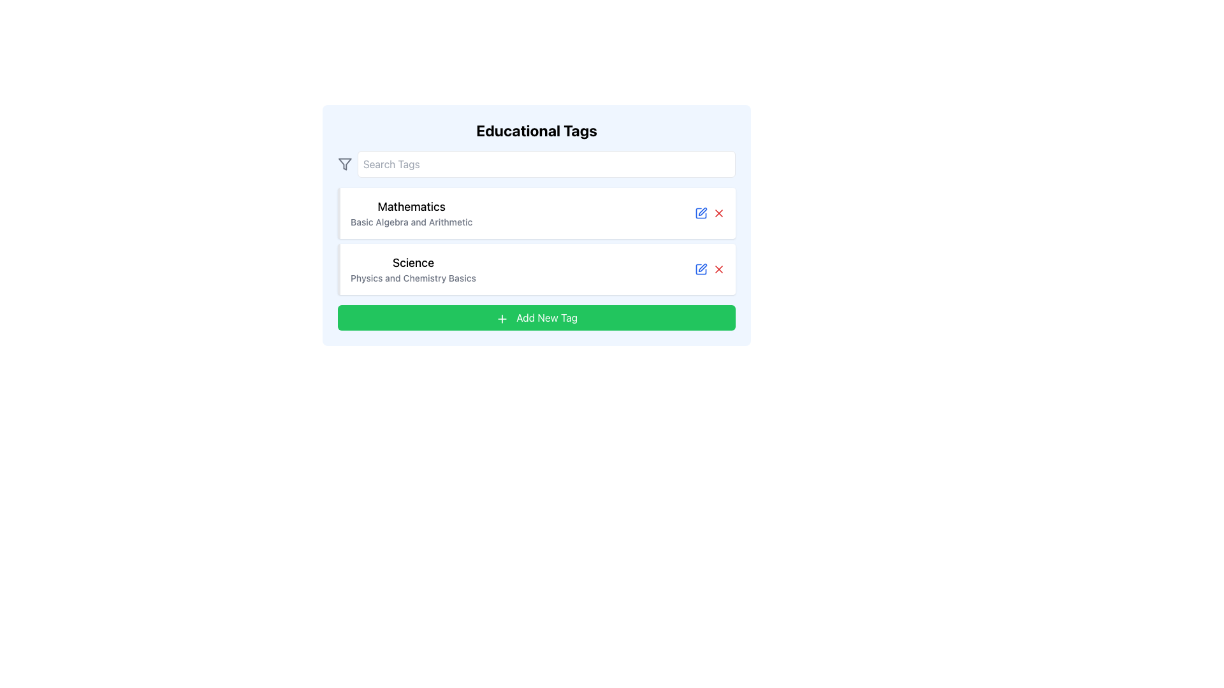 This screenshot has height=688, width=1224. Describe the element at coordinates (345, 164) in the screenshot. I see `the filter icon located to the left of the 'Search Tags' text input box, which serves as a visual representation for filtering actions` at that location.